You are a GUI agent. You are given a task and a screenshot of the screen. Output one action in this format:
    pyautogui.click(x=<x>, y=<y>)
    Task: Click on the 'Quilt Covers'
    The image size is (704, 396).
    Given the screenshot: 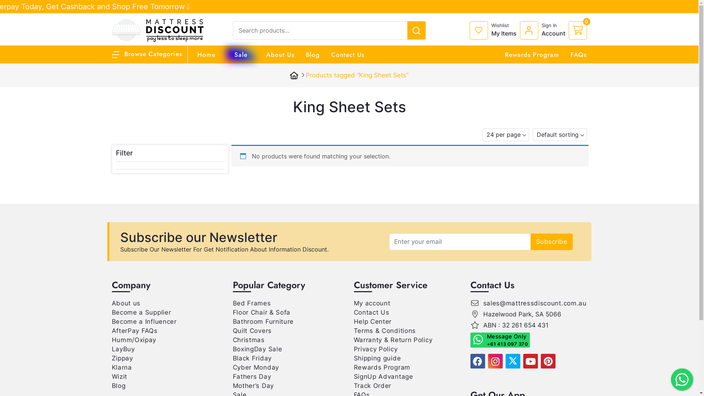 What is the action you would take?
    pyautogui.click(x=252, y=331)
    